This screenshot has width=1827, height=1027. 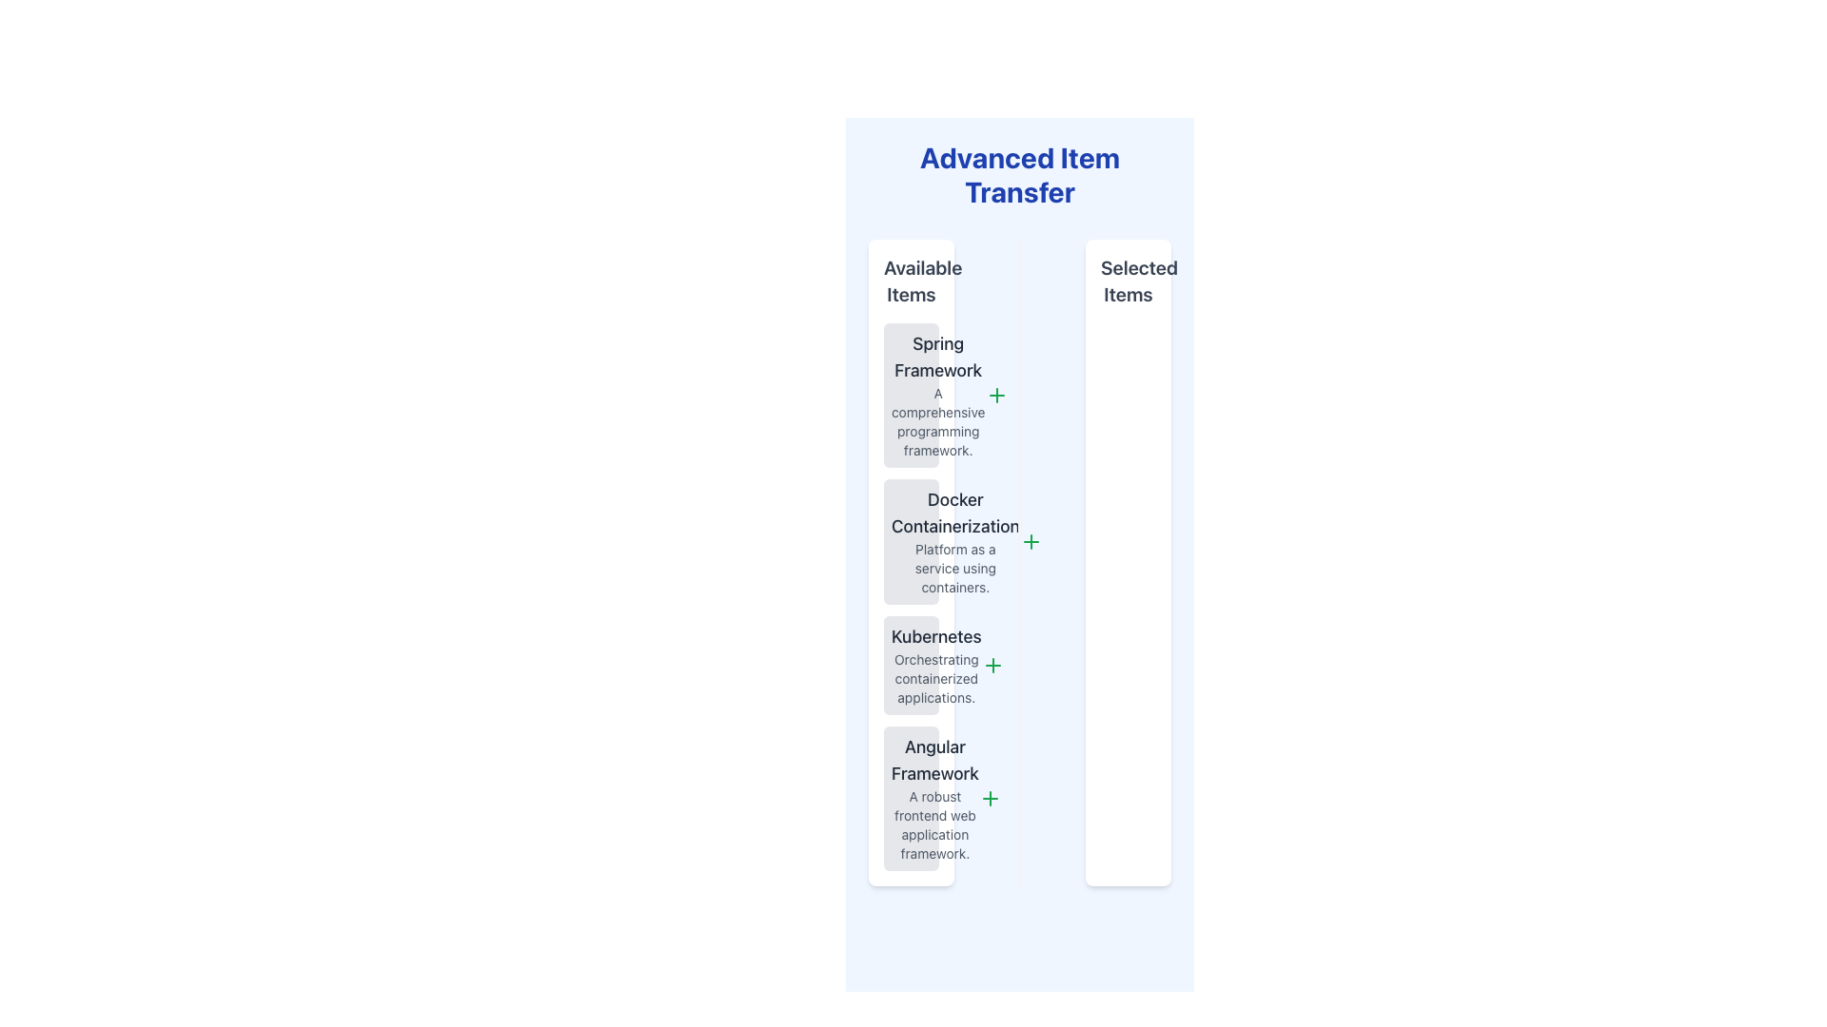 What do you see at coordinates (955, 542) in the screenshot?
I see `the Text Display Component that shows 'Docker Containerization'` at bounding box center [955, 542].